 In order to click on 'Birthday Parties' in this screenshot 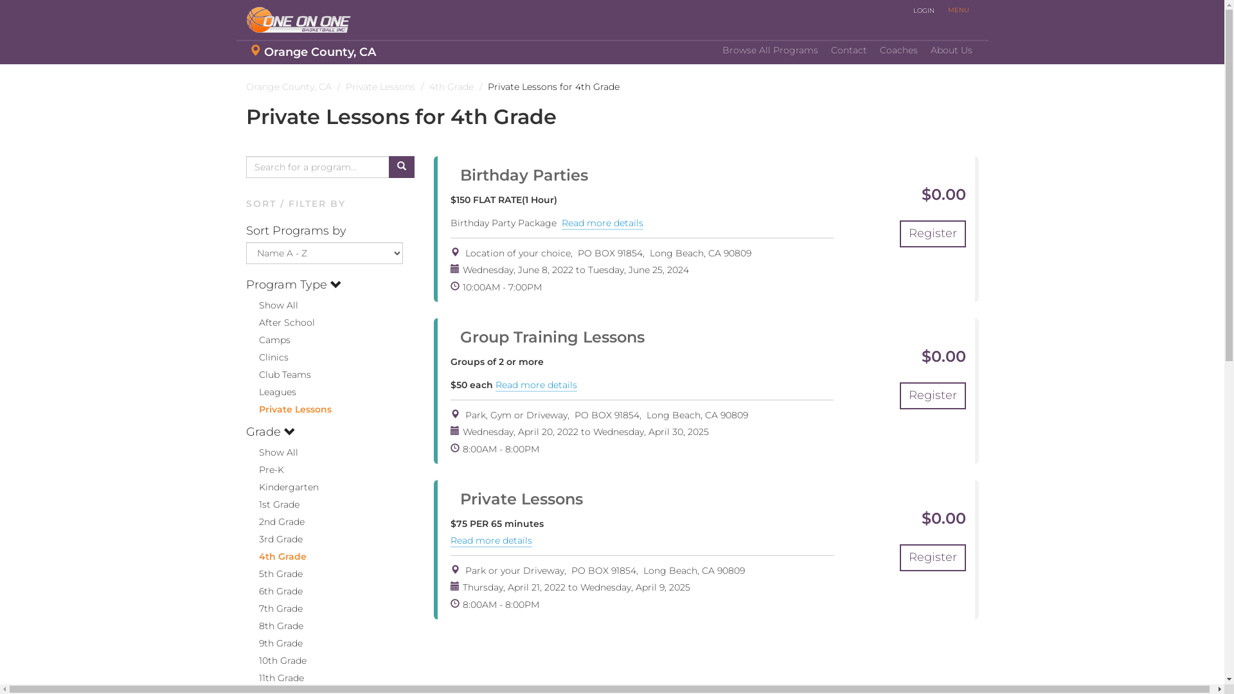, I will do `click(519, 175)`.